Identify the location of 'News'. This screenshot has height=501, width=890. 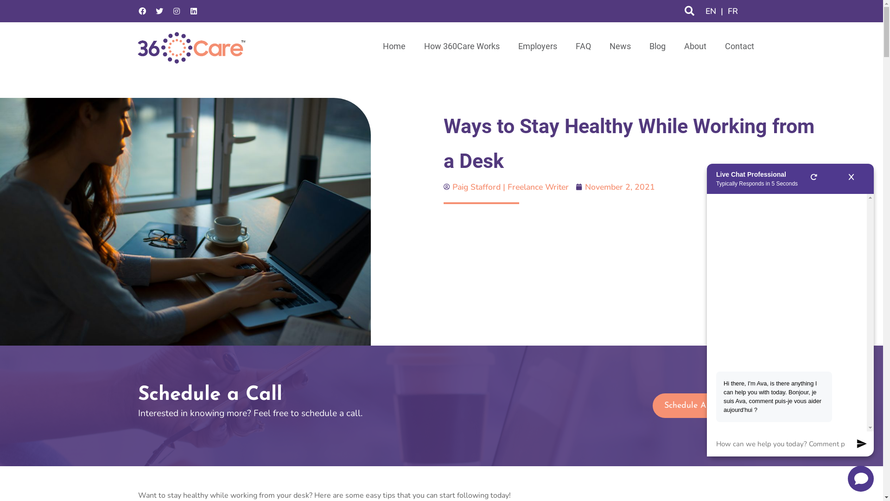
(600, 46).